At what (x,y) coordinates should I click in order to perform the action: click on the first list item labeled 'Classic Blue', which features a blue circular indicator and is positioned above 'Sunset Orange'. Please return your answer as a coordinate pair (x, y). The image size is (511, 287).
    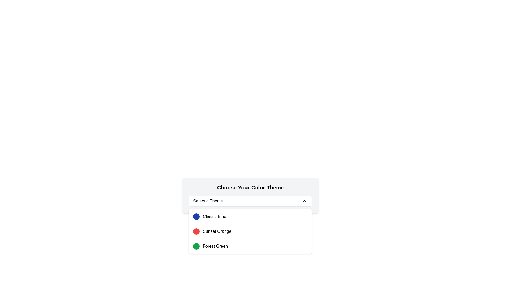
    Looking at the image, I should click on (250, 216).